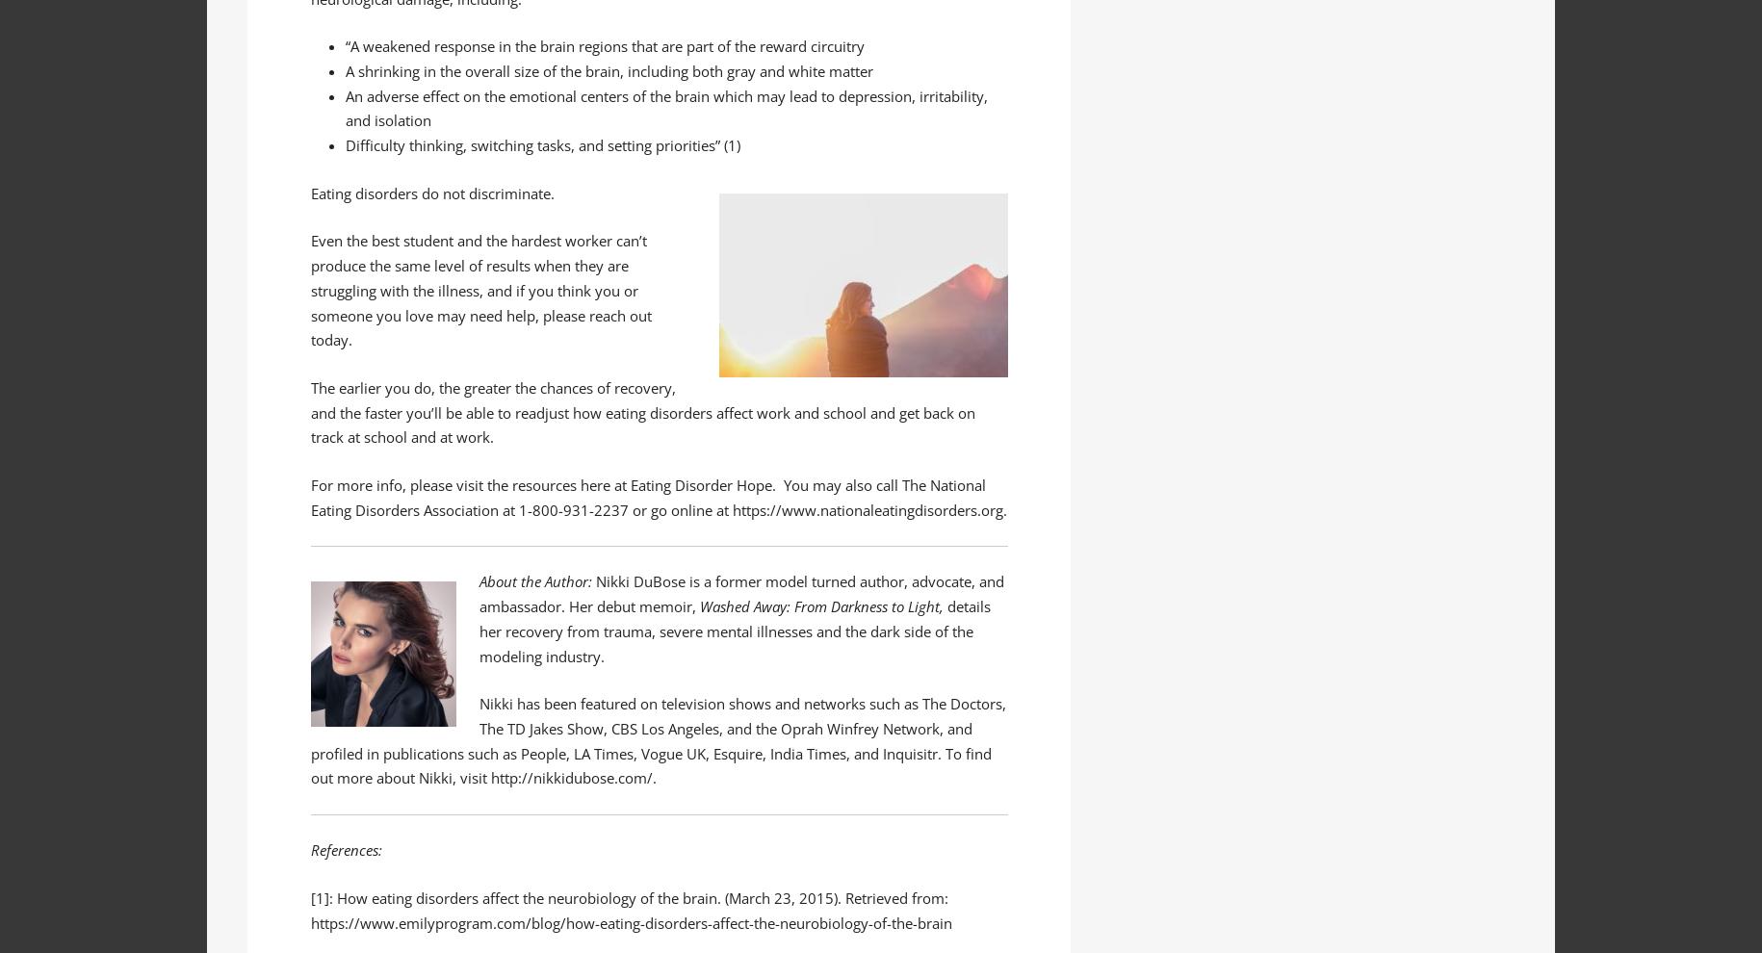  Describe the element at coordinates (642, 410) in the screenshot. I see `'The earlier you do, the greater the chances of recovery, and the faster you’ll be able to readjust how eating disorders affect work and school and get back on track at school and at work.'` at that location.